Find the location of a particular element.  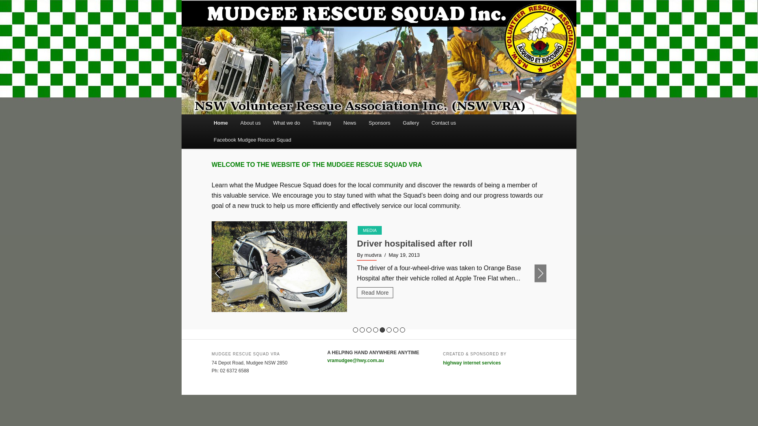

'About us' is located at coordinates (234, 123).